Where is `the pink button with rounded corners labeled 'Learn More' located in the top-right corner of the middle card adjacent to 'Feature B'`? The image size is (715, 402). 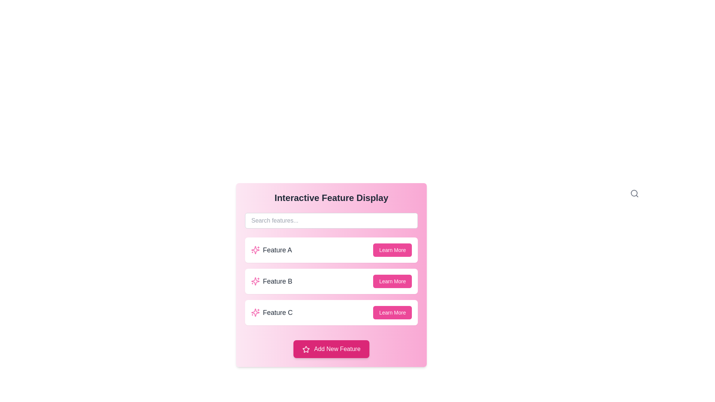
the pink button with rounded corners labeled 'Learn More' located in the top-right corner of the middle card adjacent to 'Feature B' is located at coordinates (392, 281).